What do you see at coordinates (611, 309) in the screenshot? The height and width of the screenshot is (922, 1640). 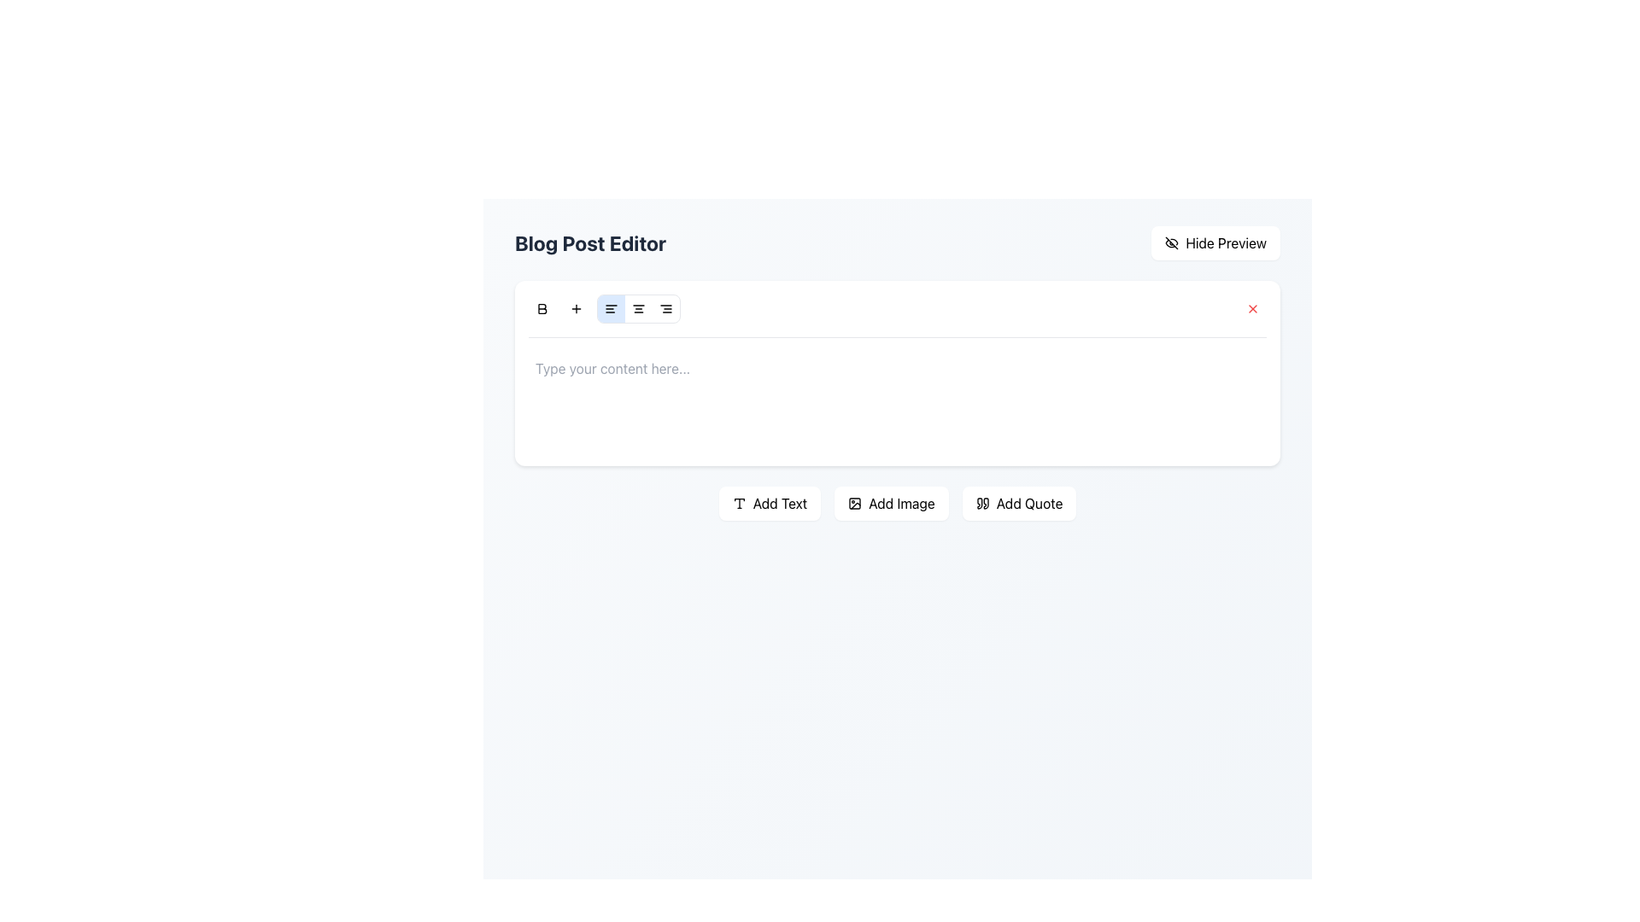 I see `the left-align formatting icon, which is the third icon from the left in the horizontal toolbar above the text input area, to apply left alignment` at bounding box center [611, 309].